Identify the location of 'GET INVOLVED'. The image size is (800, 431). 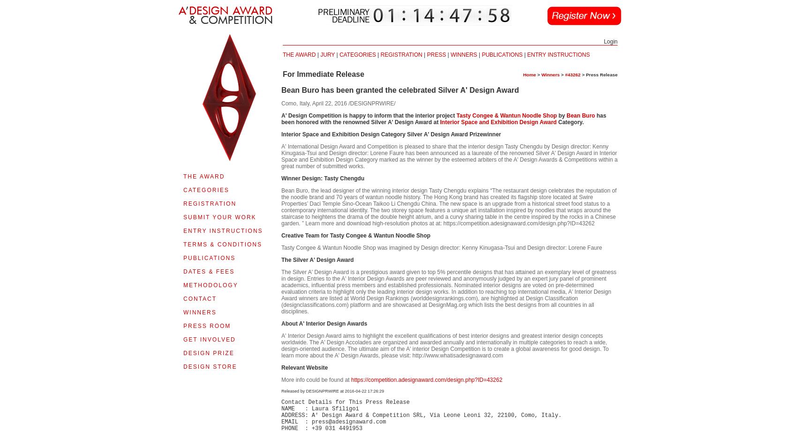
(209, 339).